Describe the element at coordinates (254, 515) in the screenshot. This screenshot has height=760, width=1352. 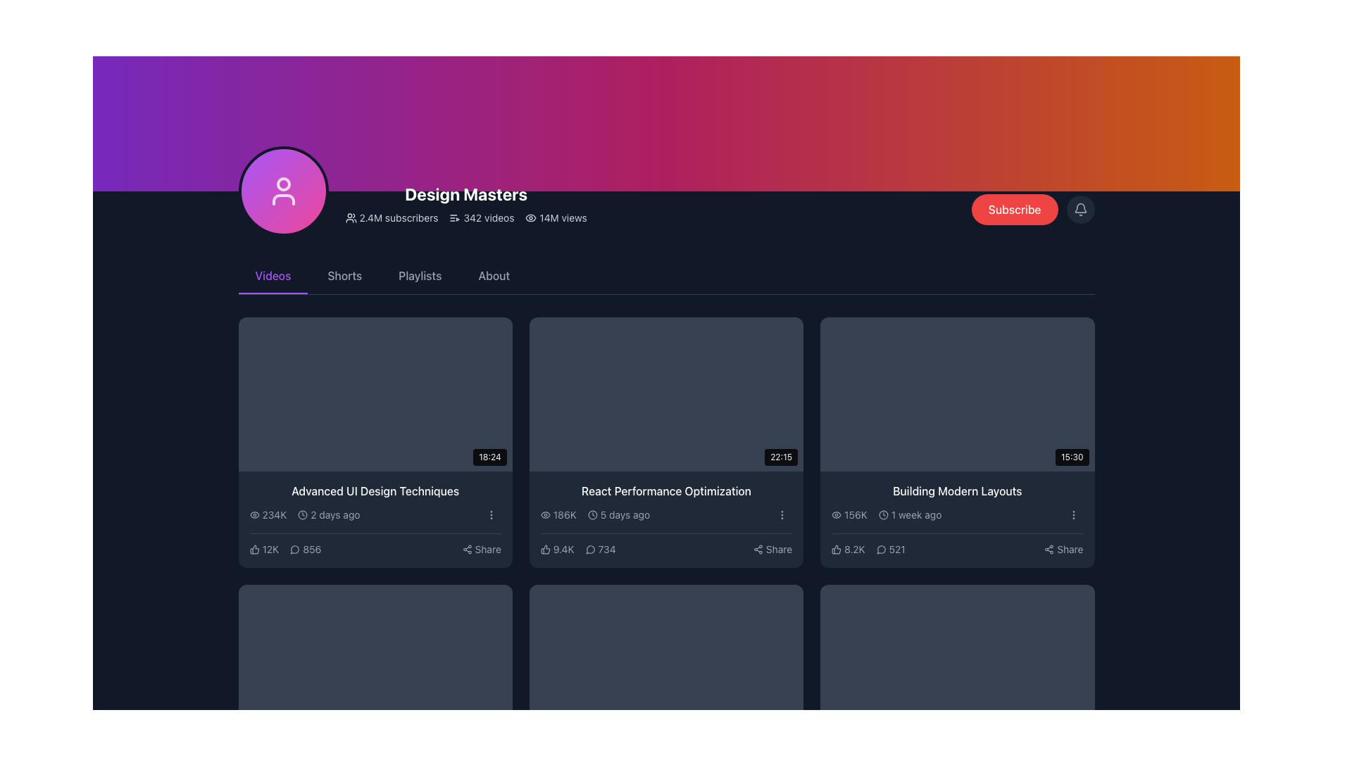
I see `the eye icon indicating views for the 'Advanced UI Design Techniques' video, located beside the '234K' text` at that location.